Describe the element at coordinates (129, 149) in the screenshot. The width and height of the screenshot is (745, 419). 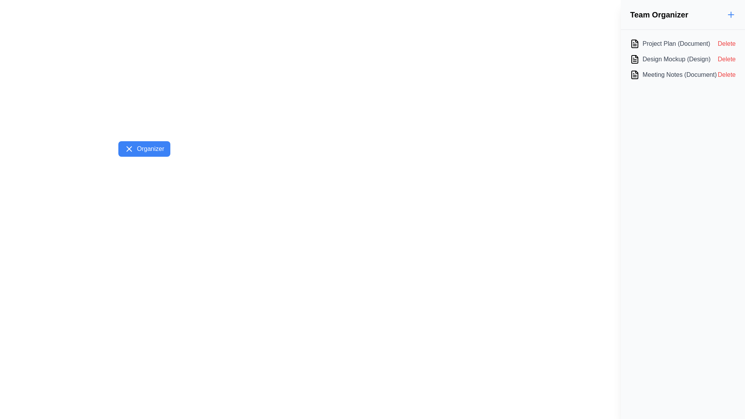
I see `the 'X' icon used for closure or cancellation within the 'Organizer' button` at that location.